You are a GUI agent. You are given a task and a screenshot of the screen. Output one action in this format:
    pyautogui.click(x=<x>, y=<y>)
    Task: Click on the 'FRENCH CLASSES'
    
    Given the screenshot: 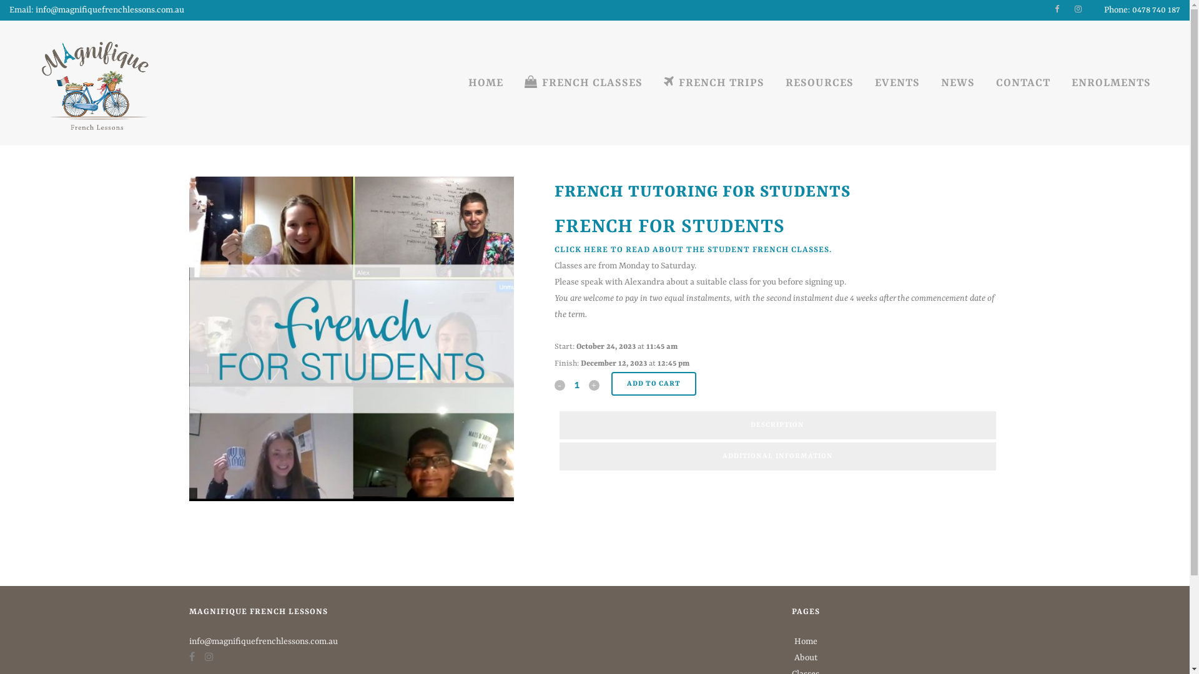 What is the action you would take?
    pyautogui.click(x=583, y=82)
    